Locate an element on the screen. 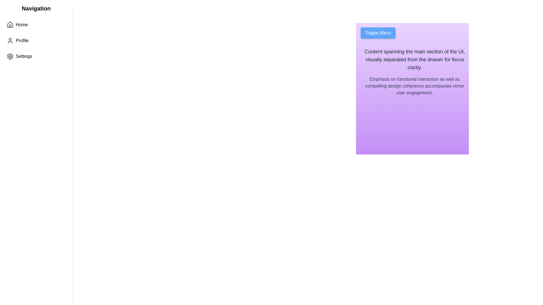 This screenshot has height=305, width=543. the 'Profile' text label in the sidebar navigation menu, which is the second element below 'Home' and above 'Settings' is located at coordinates (22, 40).